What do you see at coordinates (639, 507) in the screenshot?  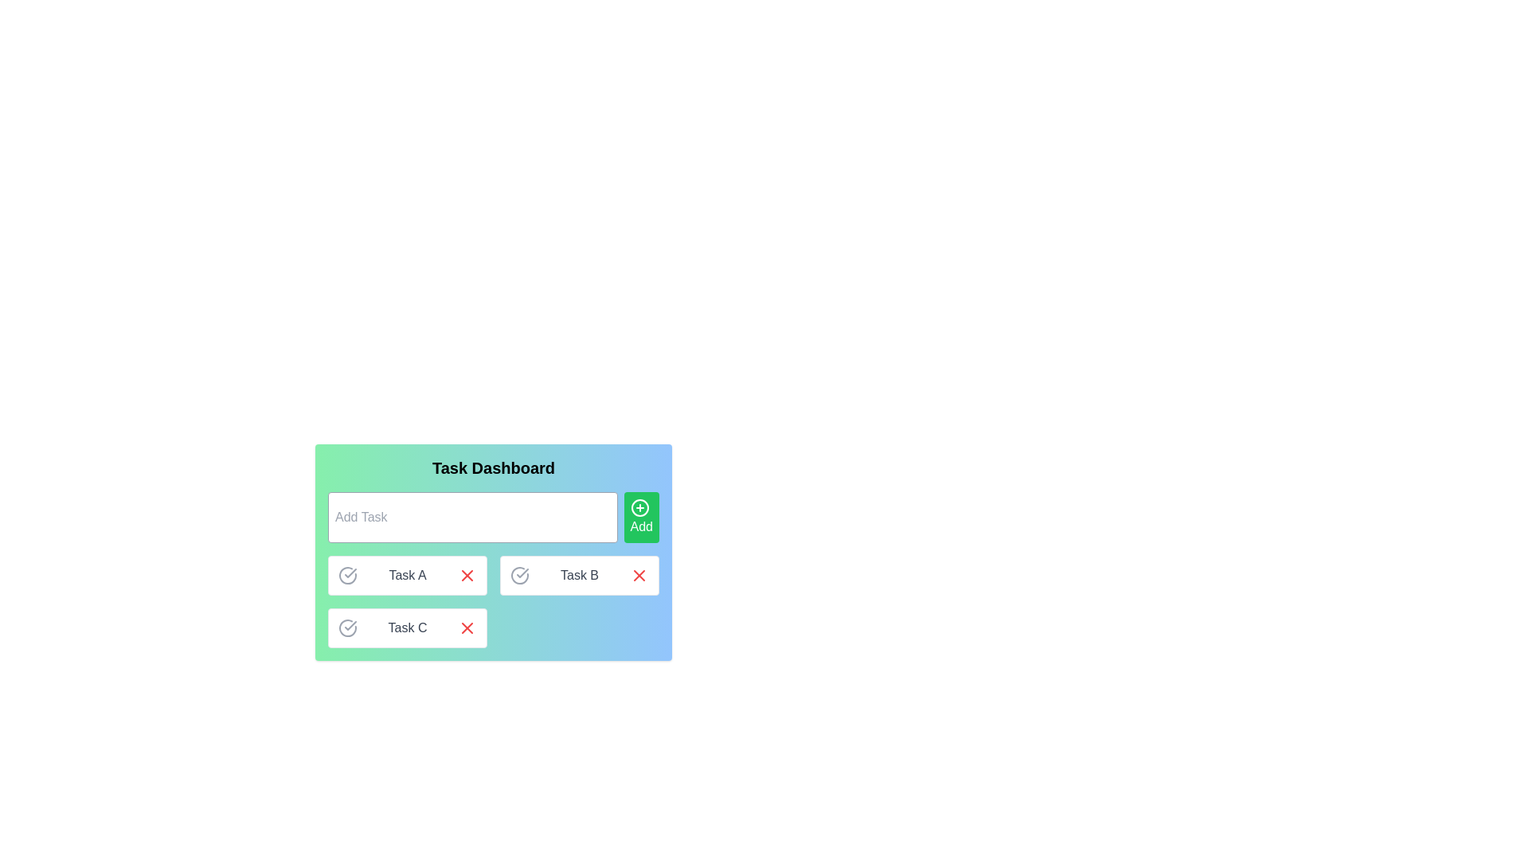 I see `the 'Add' icon in the task dashboard header` at bounding box center [639, 507].